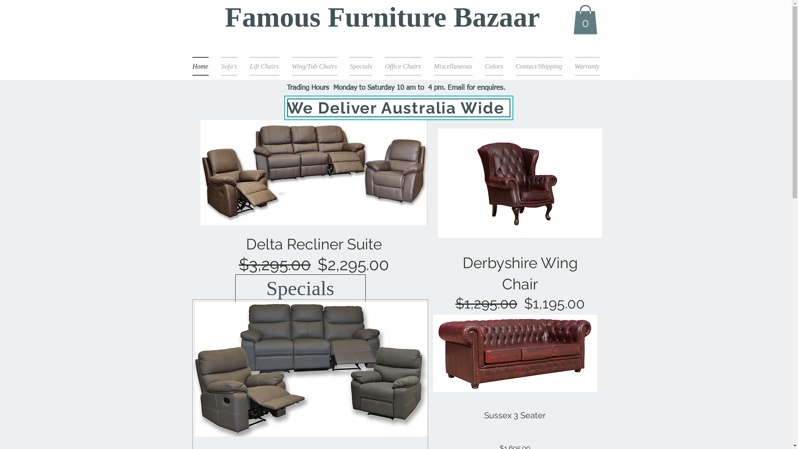 This screenshot has width=798, height=449. Describe the element at coordinates (452, 66) in the screenshot. I see `'Miscellaneous'` at that location.